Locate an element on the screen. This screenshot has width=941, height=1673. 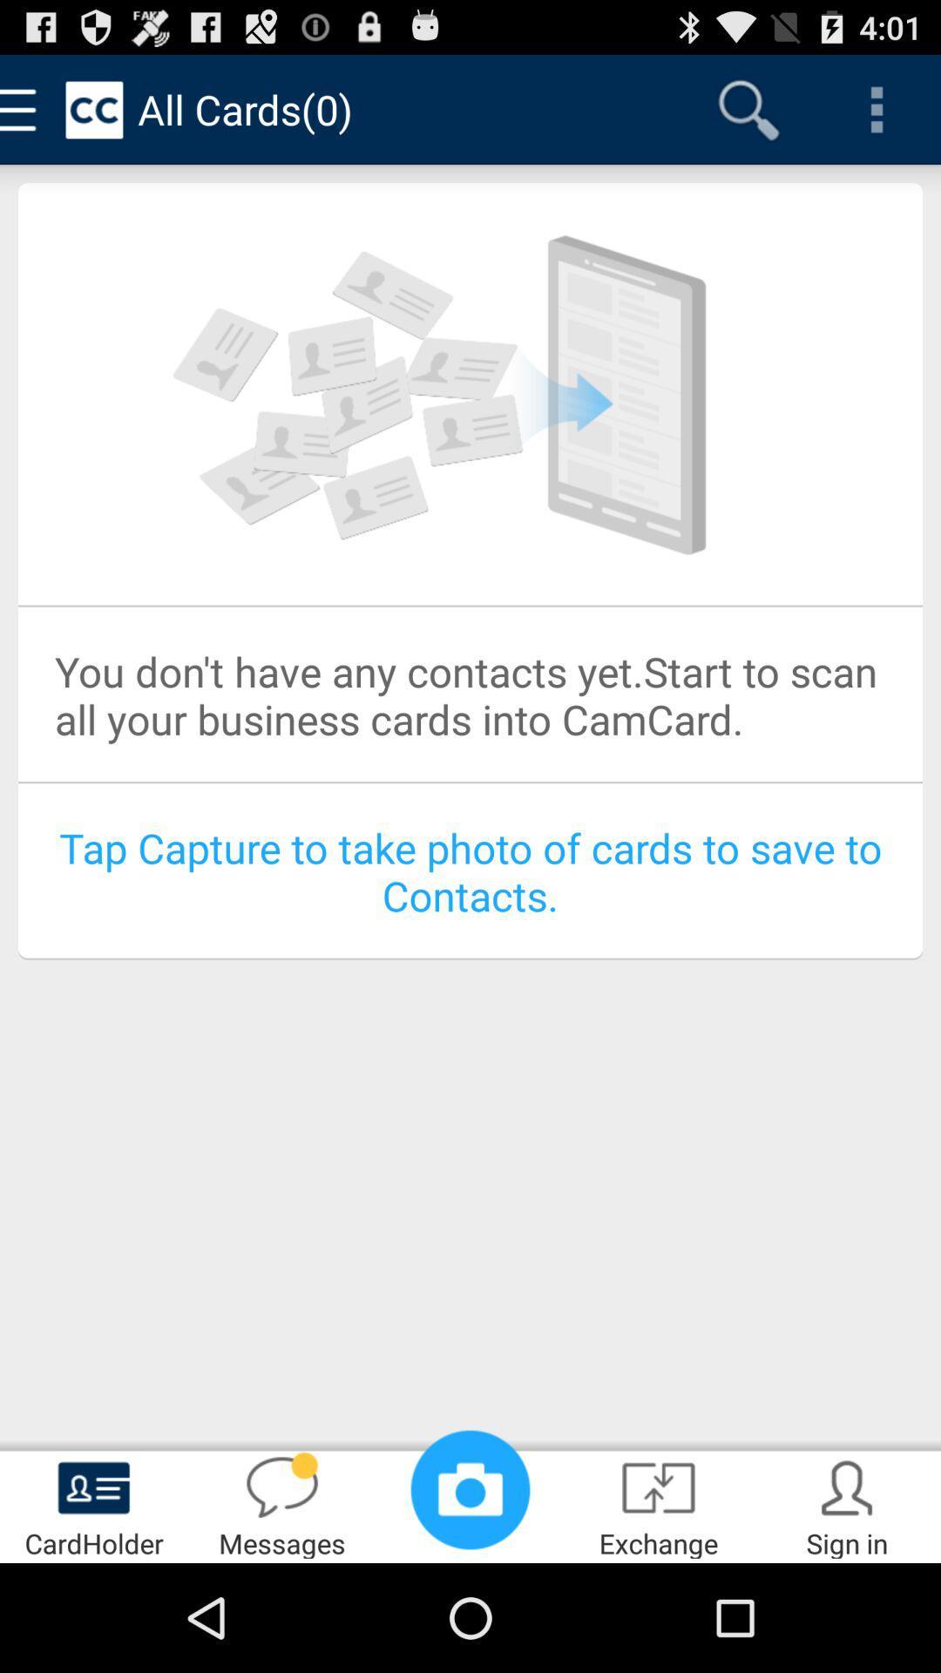
the blue coloured text is located at coordinates (470, 871).